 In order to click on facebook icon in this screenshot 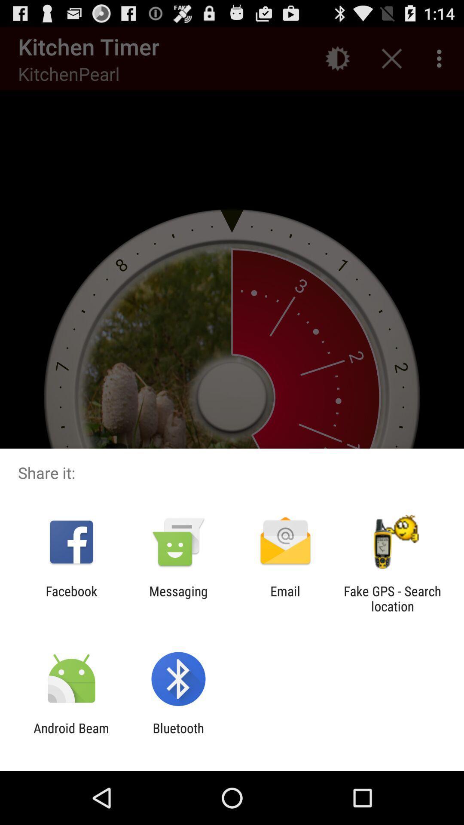, I will do `click(71, 598)`.